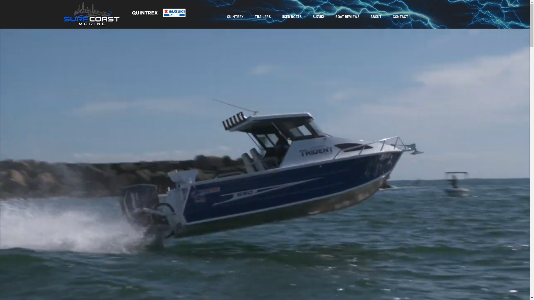  I want to click on 'USED BOATS', so click(276, 16).